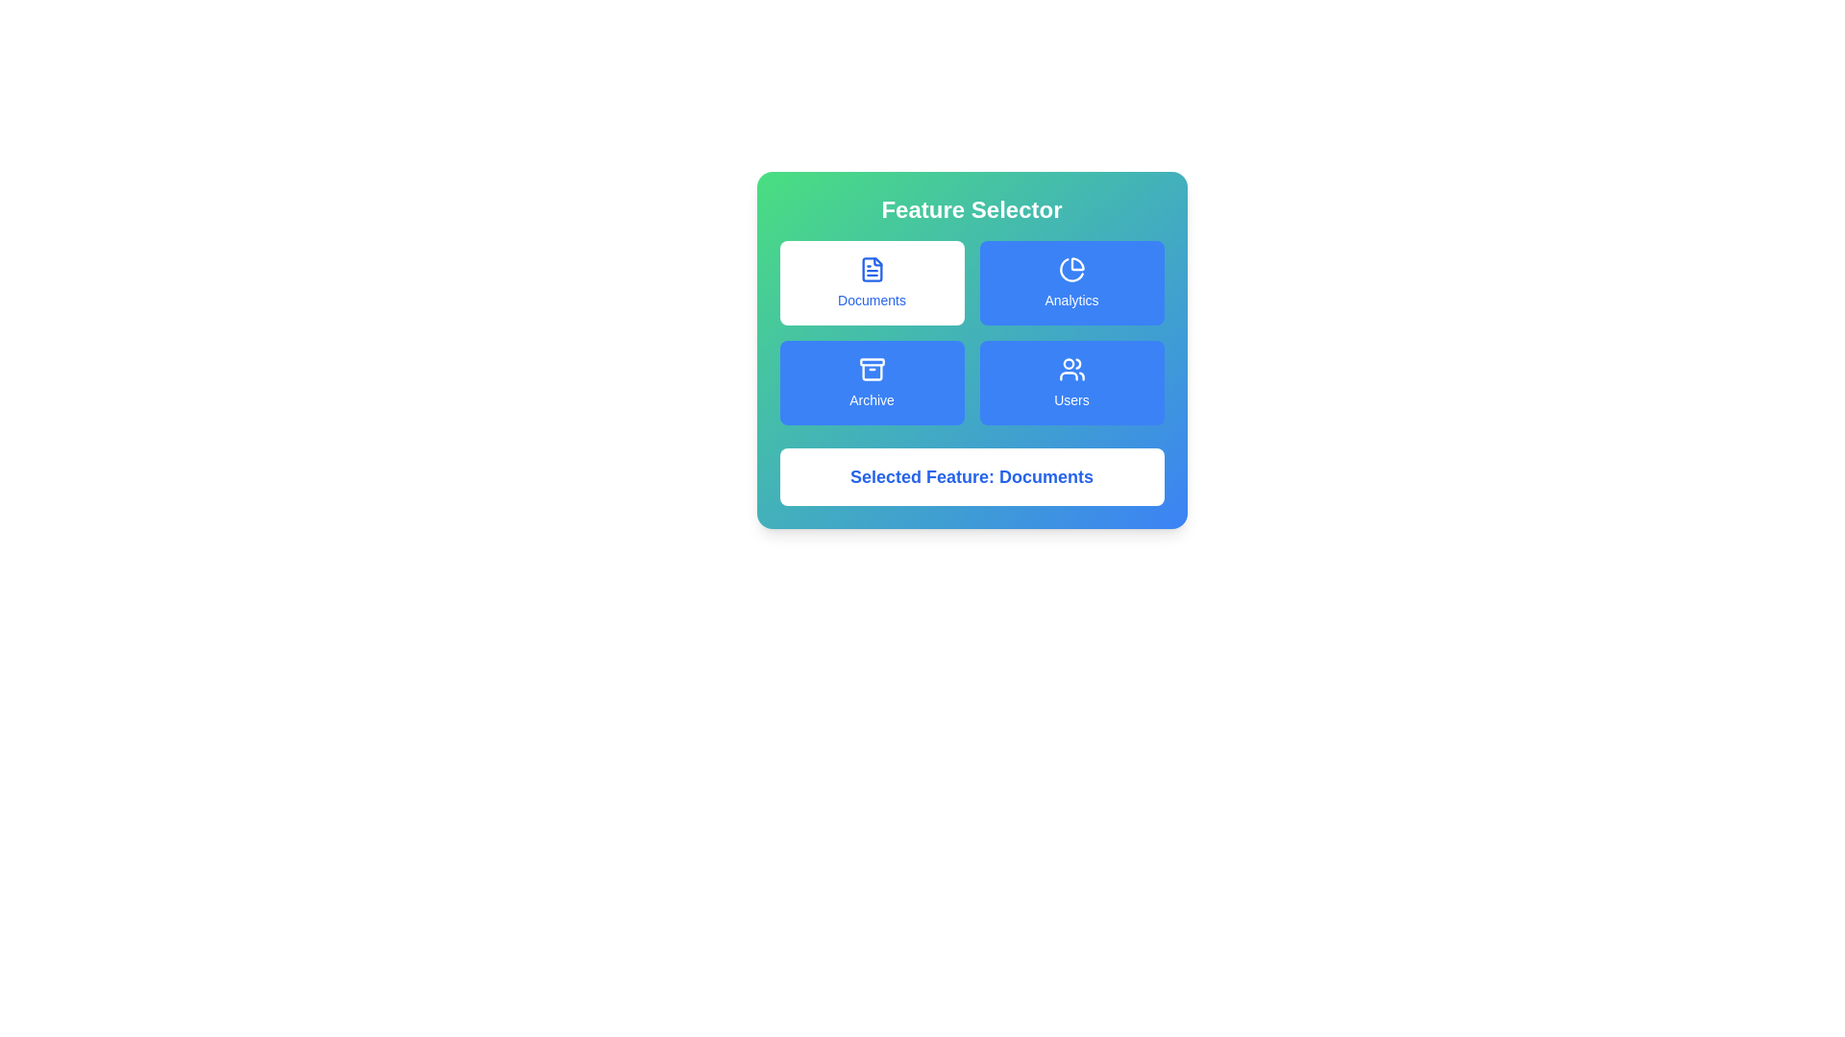 This screenshot has width=1845, height=1037. I want to click on the Text Label that provides a description for the feature represented by the surrounding button, located inside the top-left feature button within a grid of four options, directly below the document icon and horizontally centered, so click(871, 300).